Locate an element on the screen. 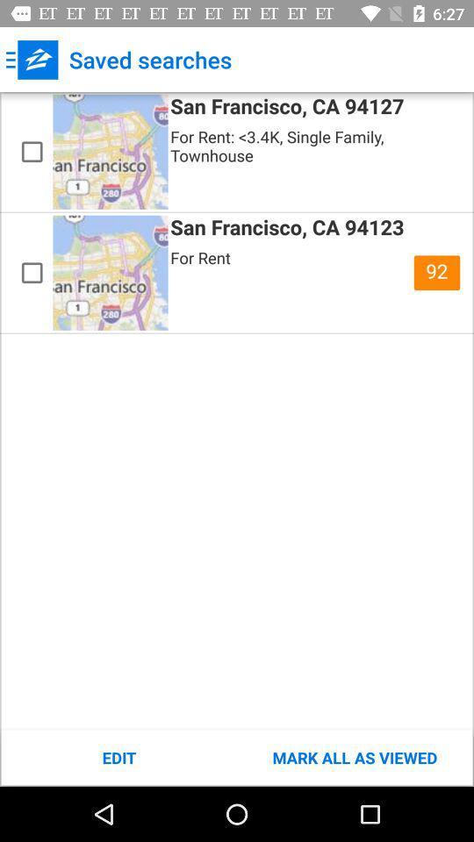 The image size is (474, 842). click the check box is located at coordinates (32, 273).